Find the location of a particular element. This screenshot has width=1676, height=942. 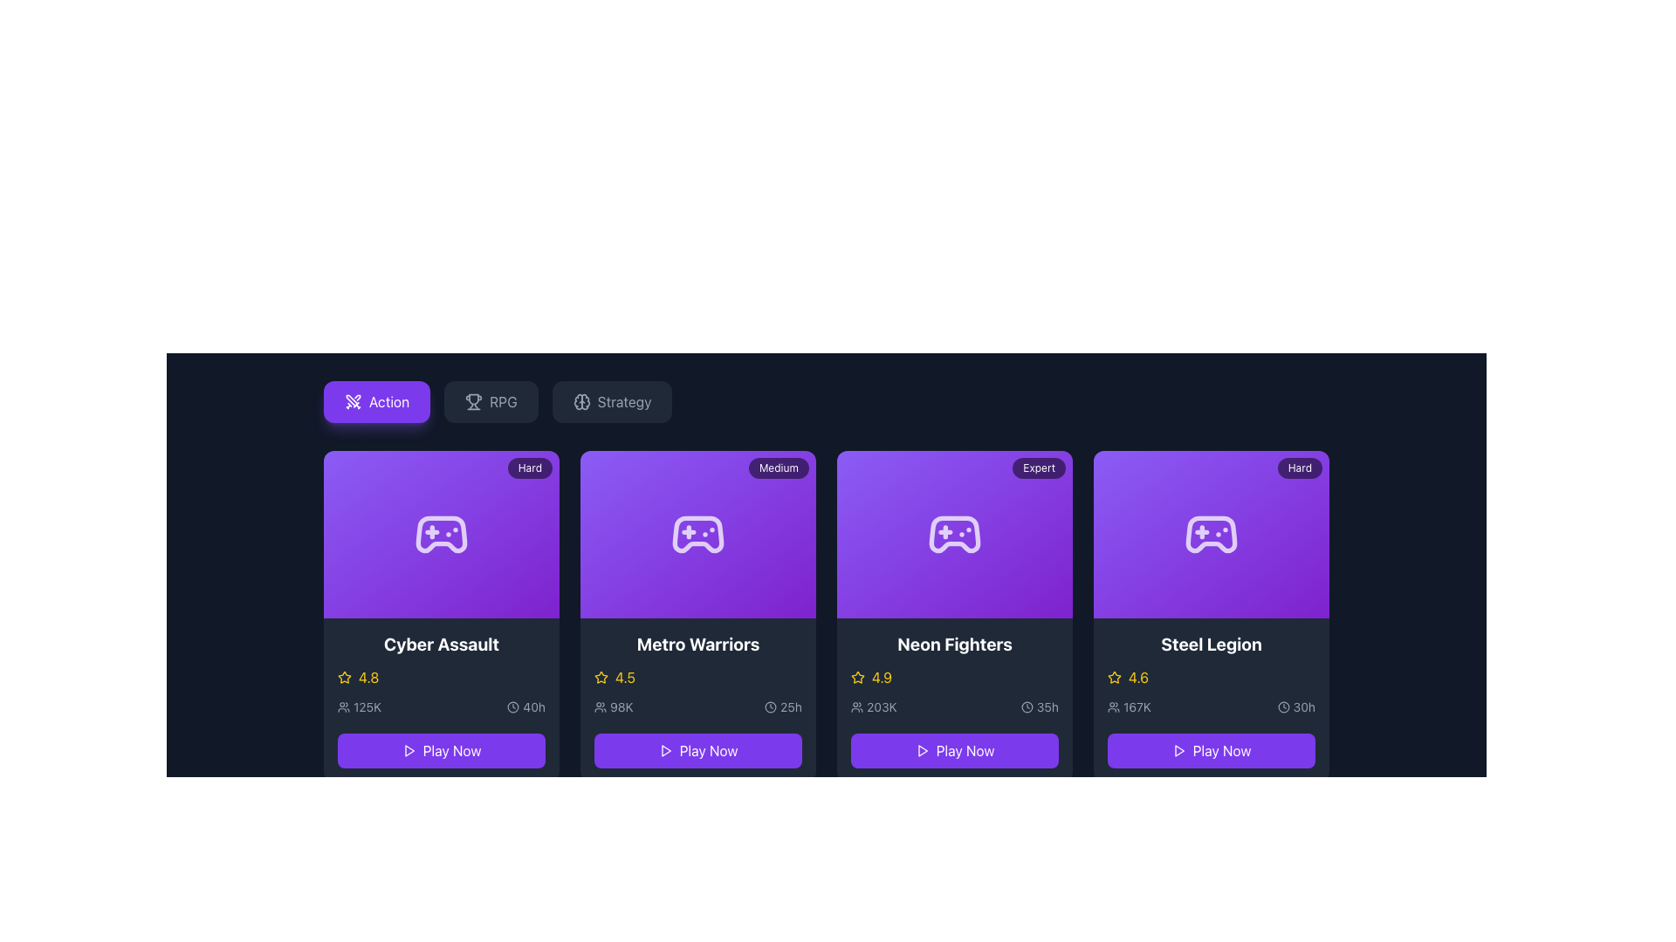

the Information display element containing user icon with '167K' and clock icon with '30h', located within the 'Steel Legion' card is located at coordinates (1210, 706).